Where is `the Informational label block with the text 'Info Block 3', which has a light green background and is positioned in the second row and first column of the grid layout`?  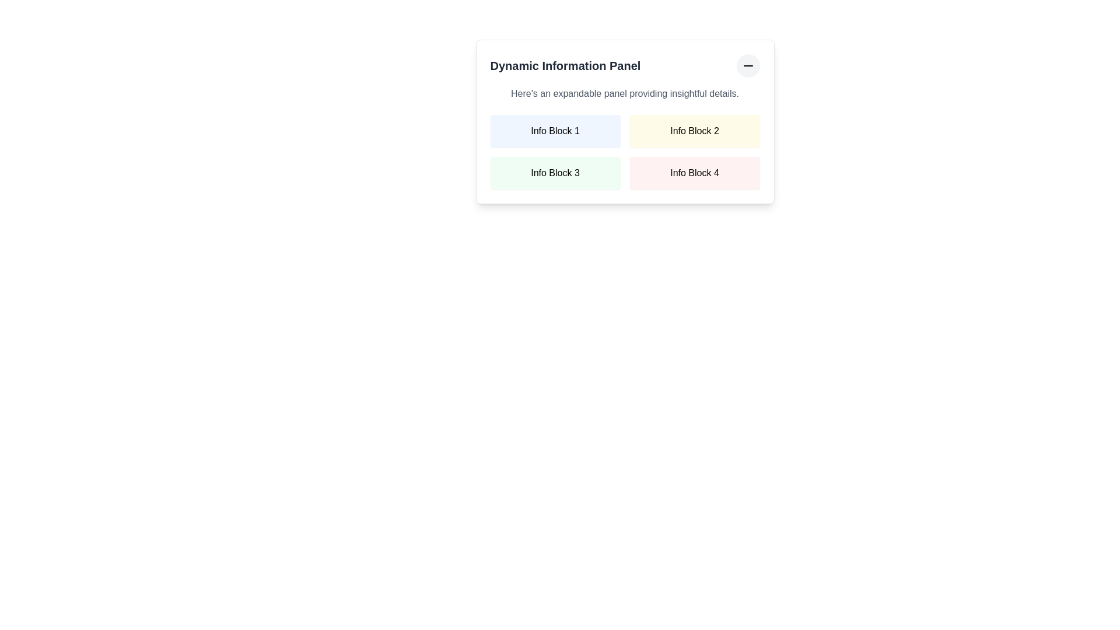 the Informational label block with the text 'Info Block 3', which has a light green background and is positioned in the second row and first column of the grid layout is located at coordinates (554, 173).